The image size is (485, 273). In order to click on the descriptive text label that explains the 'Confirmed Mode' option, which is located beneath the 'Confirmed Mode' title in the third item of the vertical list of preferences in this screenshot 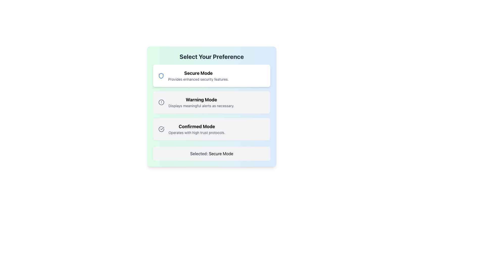, I will do `click(197, 132)`.